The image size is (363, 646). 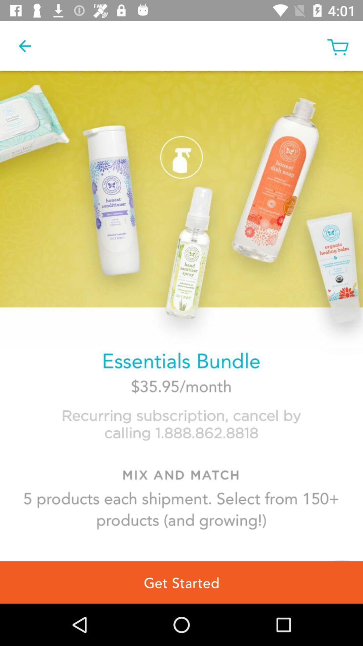 What do you see at coordinates (182, 582) in the screenshot?
I see `the get started` at bounding box center [182, 582].